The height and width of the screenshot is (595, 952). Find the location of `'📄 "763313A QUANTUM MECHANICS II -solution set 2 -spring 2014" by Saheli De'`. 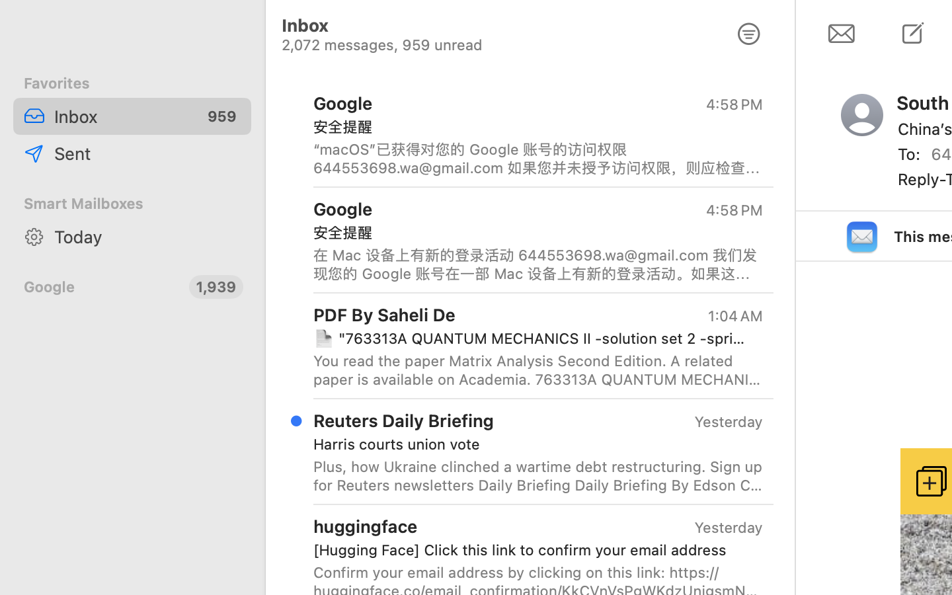

'📄 "763313A QUANTUM MECHANICS II -solution set 2 -spring 2014" by Saheli De' is located at coordinates (532, 338).